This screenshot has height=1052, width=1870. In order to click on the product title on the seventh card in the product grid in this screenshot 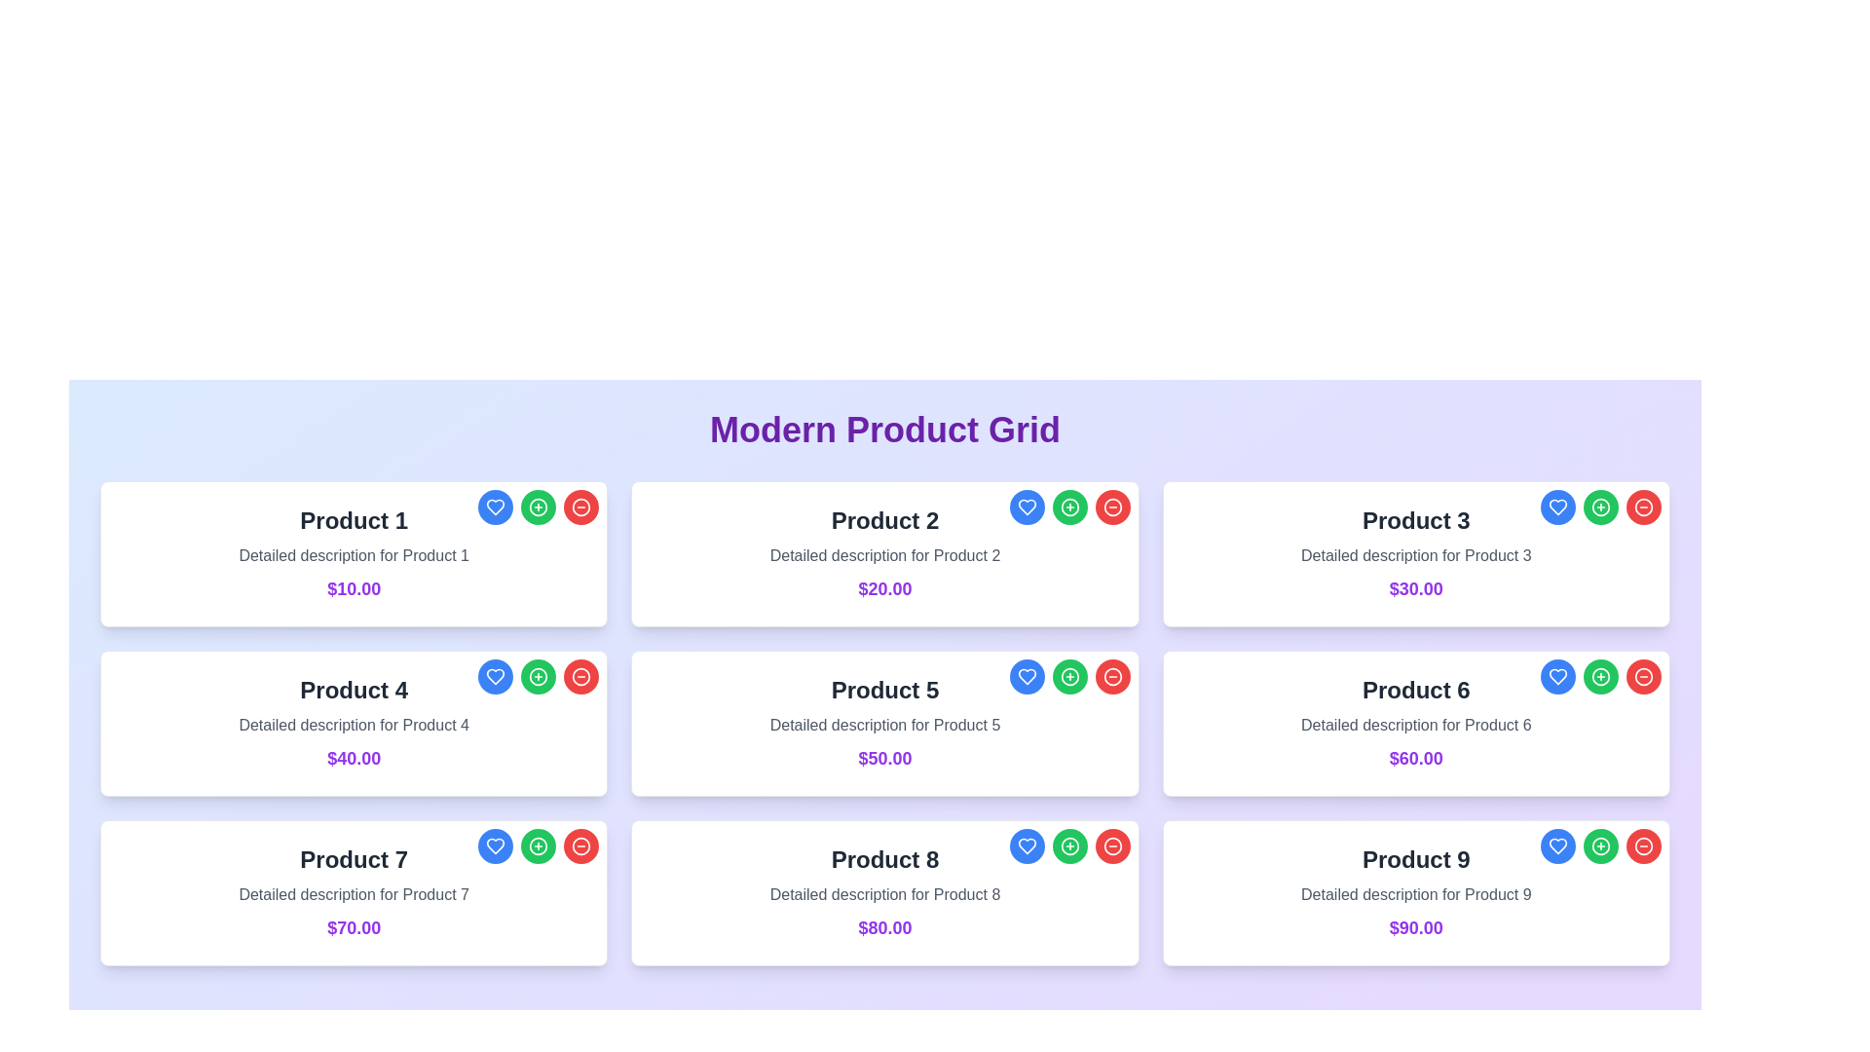, I will do `click(354, 893)`.